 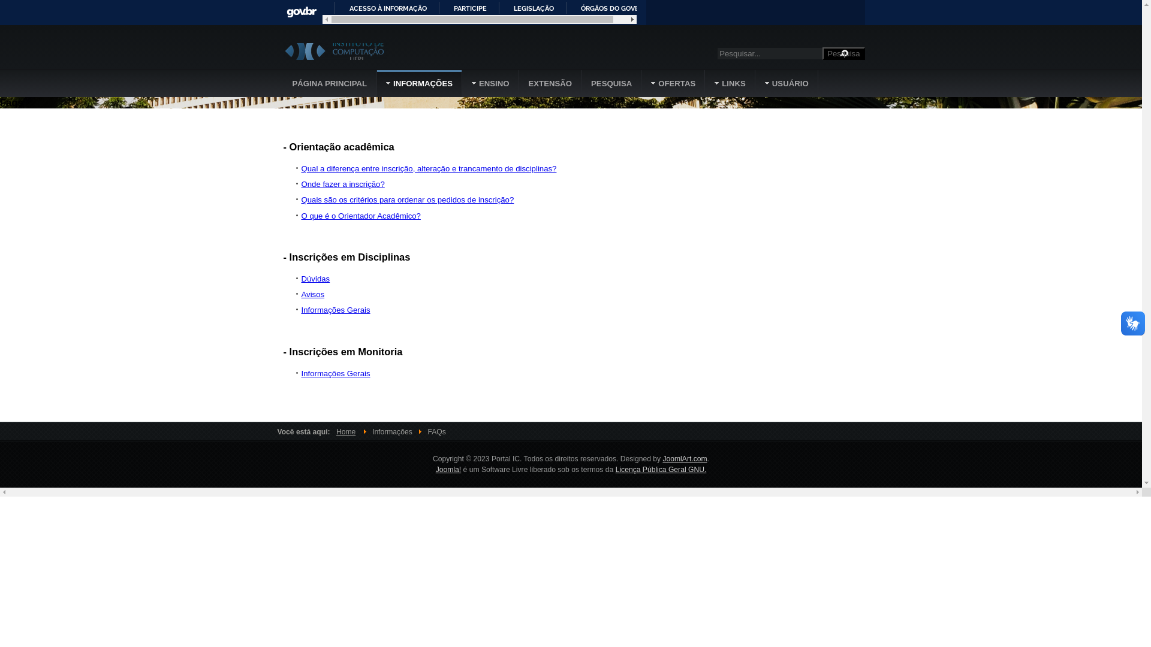 I want to click on 'JoomlArt.com', so click(x=685, y=458).